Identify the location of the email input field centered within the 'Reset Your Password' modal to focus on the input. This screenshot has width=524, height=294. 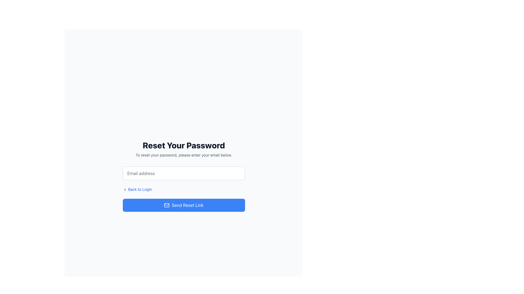
(184, 176).